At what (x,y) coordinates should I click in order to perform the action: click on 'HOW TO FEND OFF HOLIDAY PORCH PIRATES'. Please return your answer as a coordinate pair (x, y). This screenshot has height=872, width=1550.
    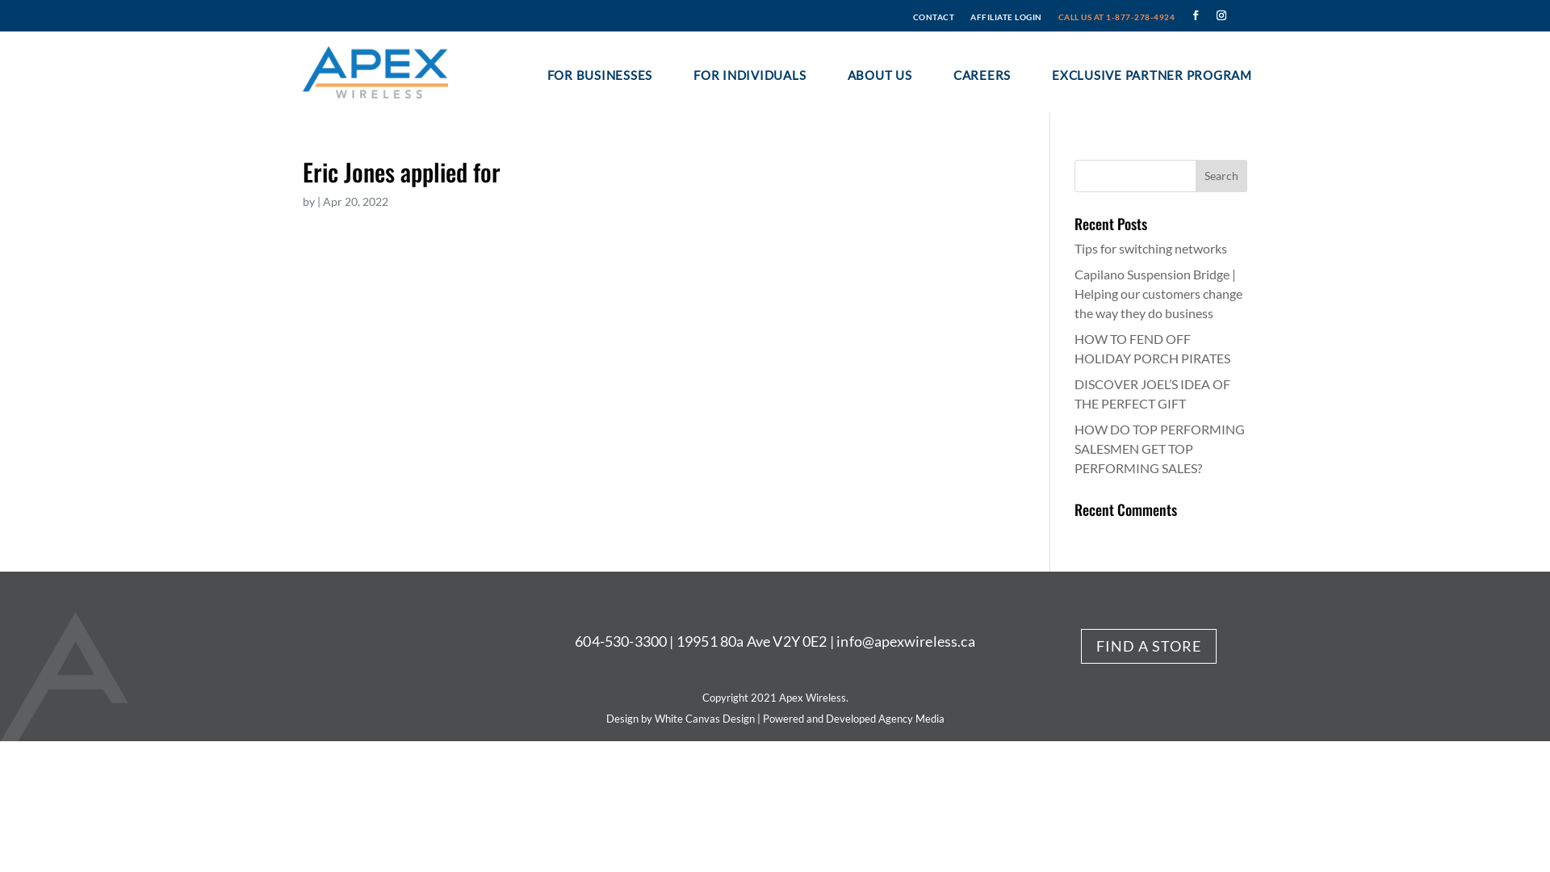
    Looking at the image, I should click on (1151, 347).